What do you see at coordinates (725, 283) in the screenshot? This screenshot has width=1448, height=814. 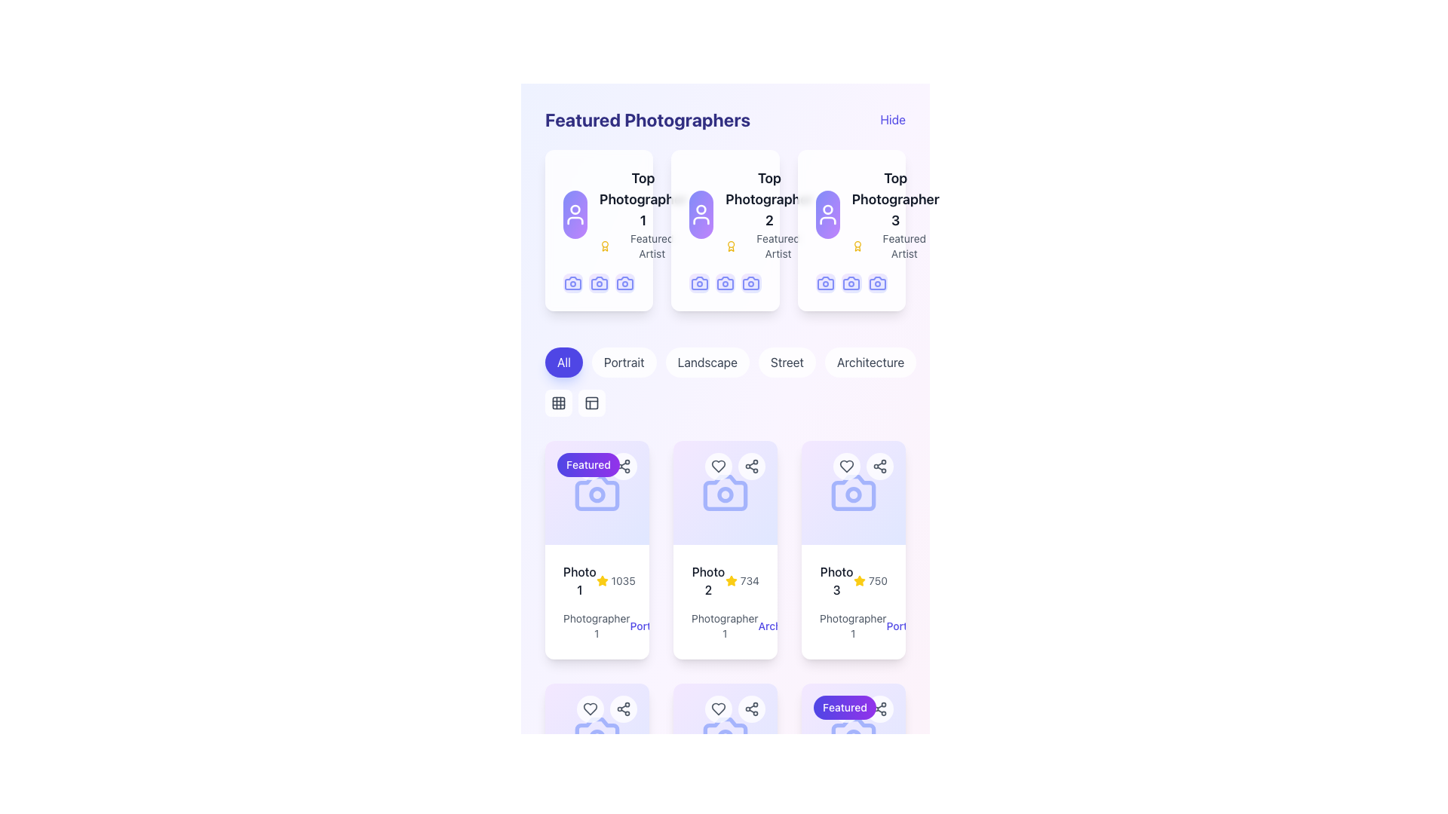 I see `the second camera icon located directly underneath the 'Top Photographer 2' section in the grid layout of the 'Featured Photographers' section` at bounding box center [725, 283].